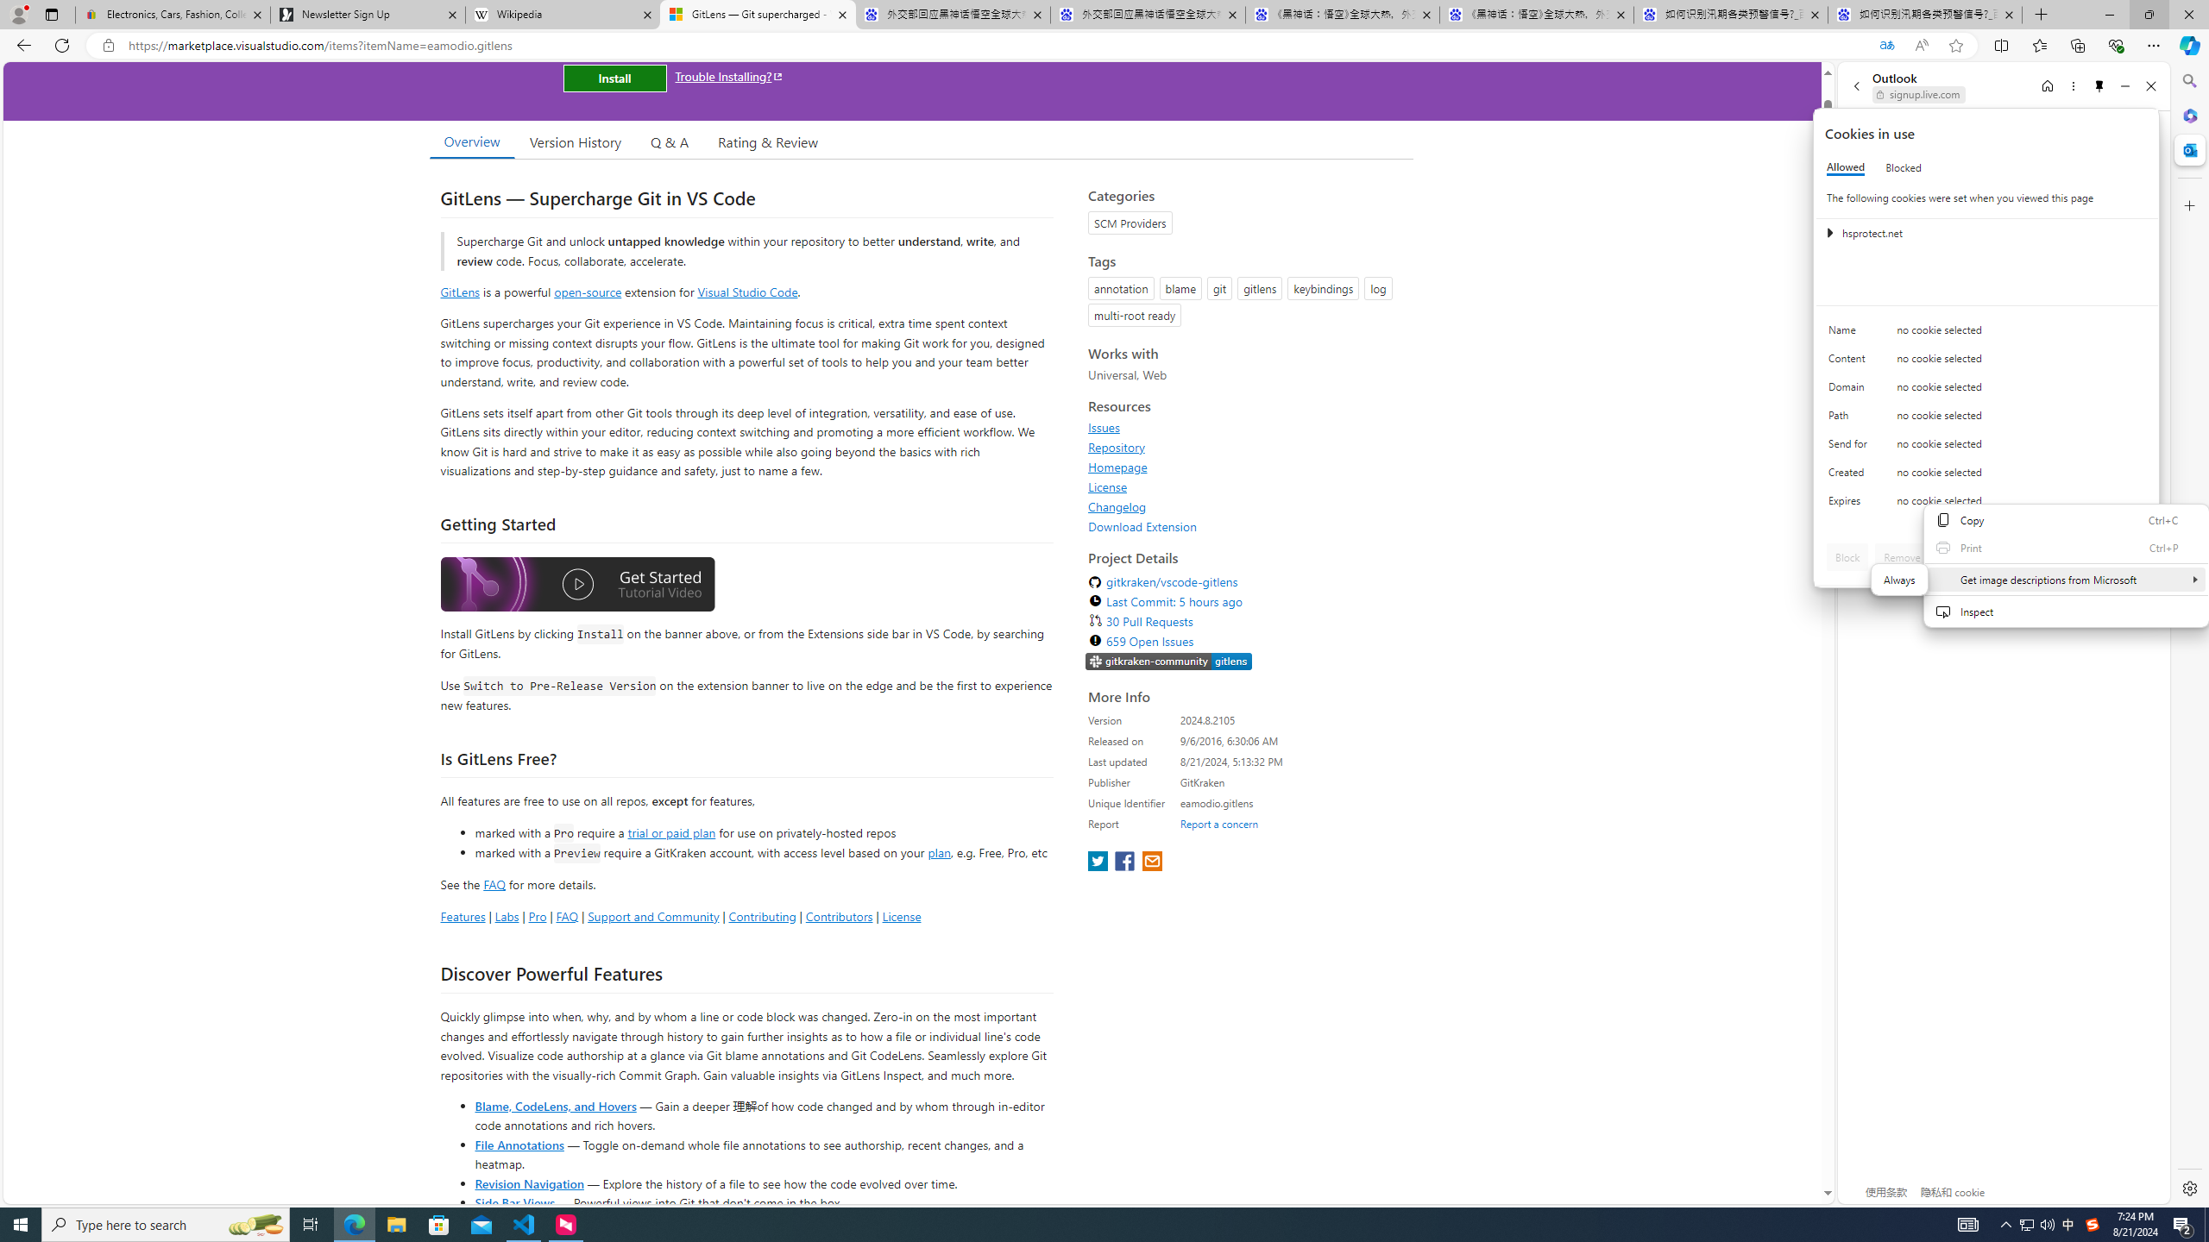  Describe the element at coordinates (1850, 505) in the screenshot. I see `'Expires'` at that location.